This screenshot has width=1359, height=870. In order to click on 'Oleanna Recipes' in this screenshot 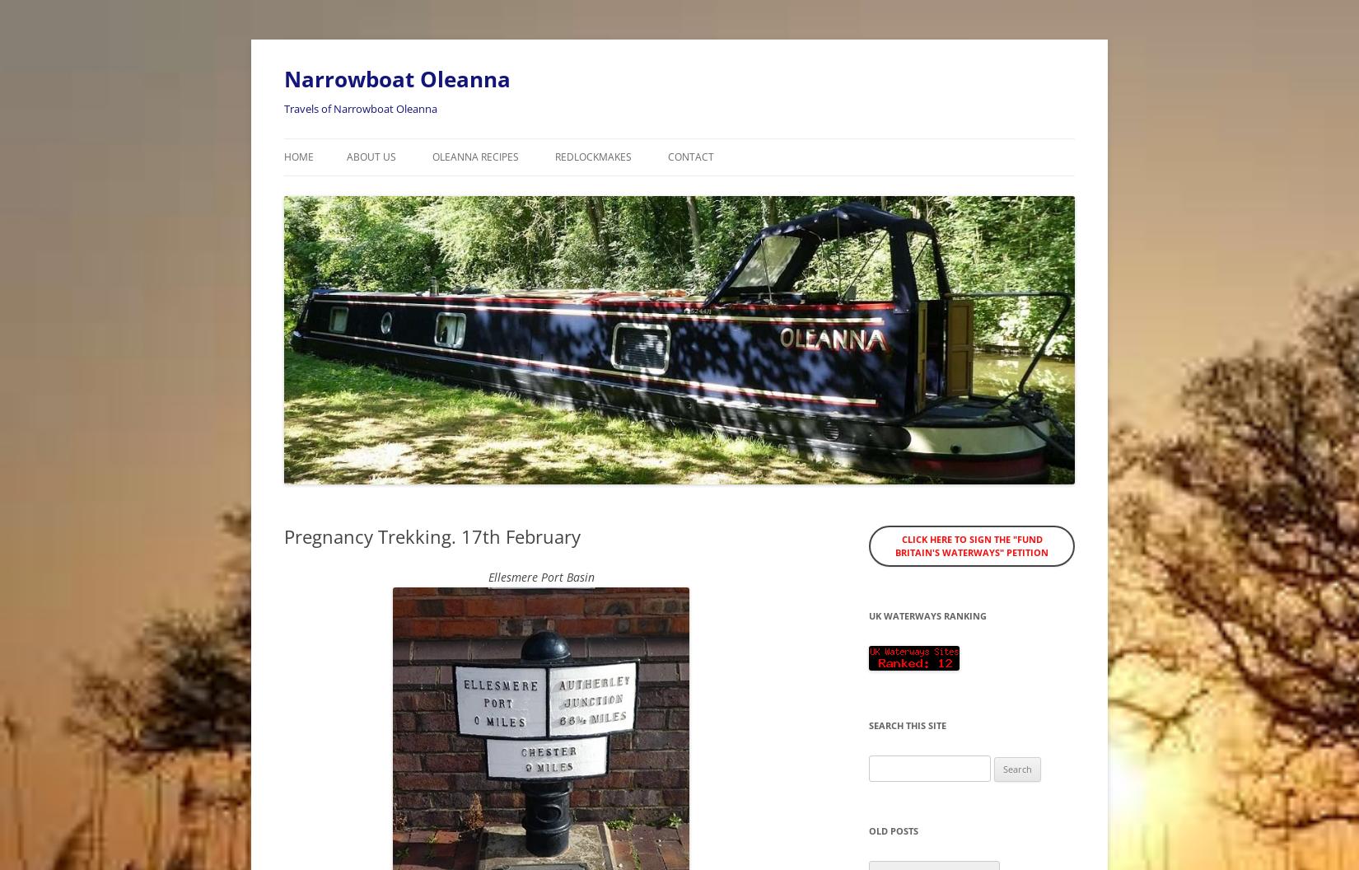, I will do `click(432, 157)`.